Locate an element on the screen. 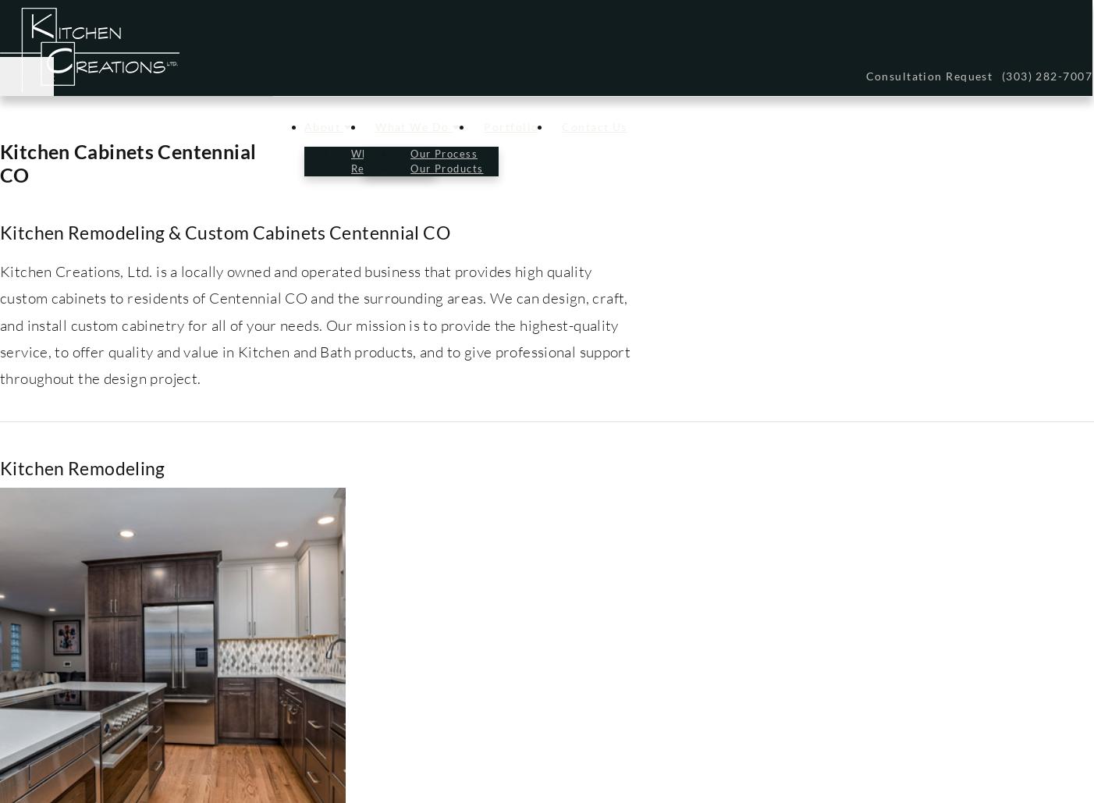 The width and height of the screenshot is (1094, 803). '(303) 282-7007' is located at coordinates (1046, 75).